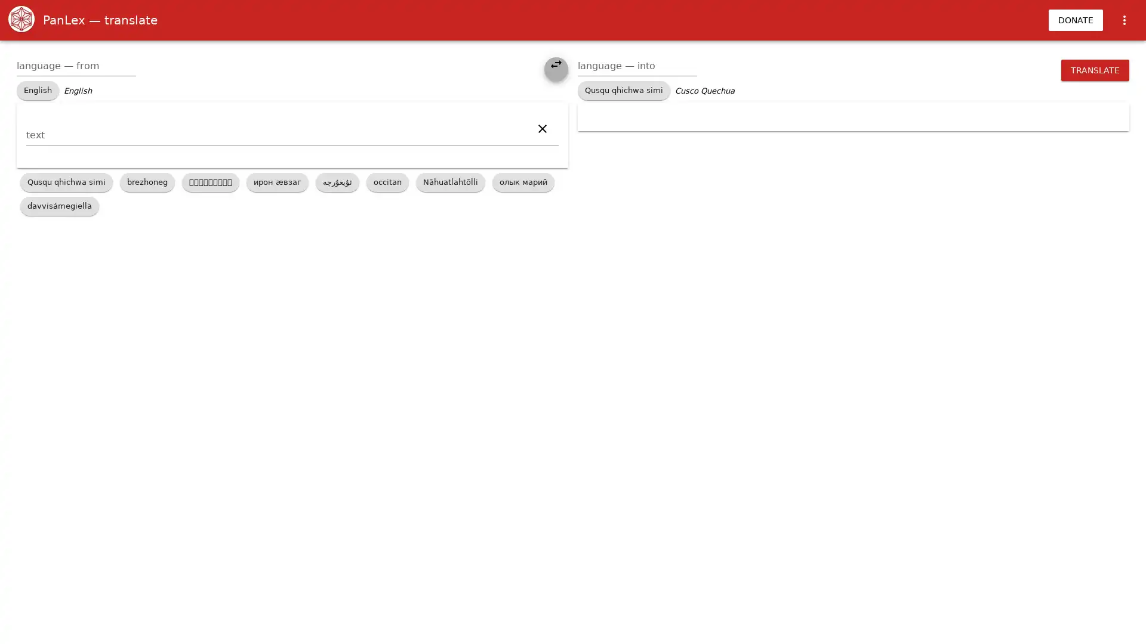 The image size is (1146, 644). Describe the element at coordinates (1076, 20) in the screenshot. I see `DONATE` at that location.